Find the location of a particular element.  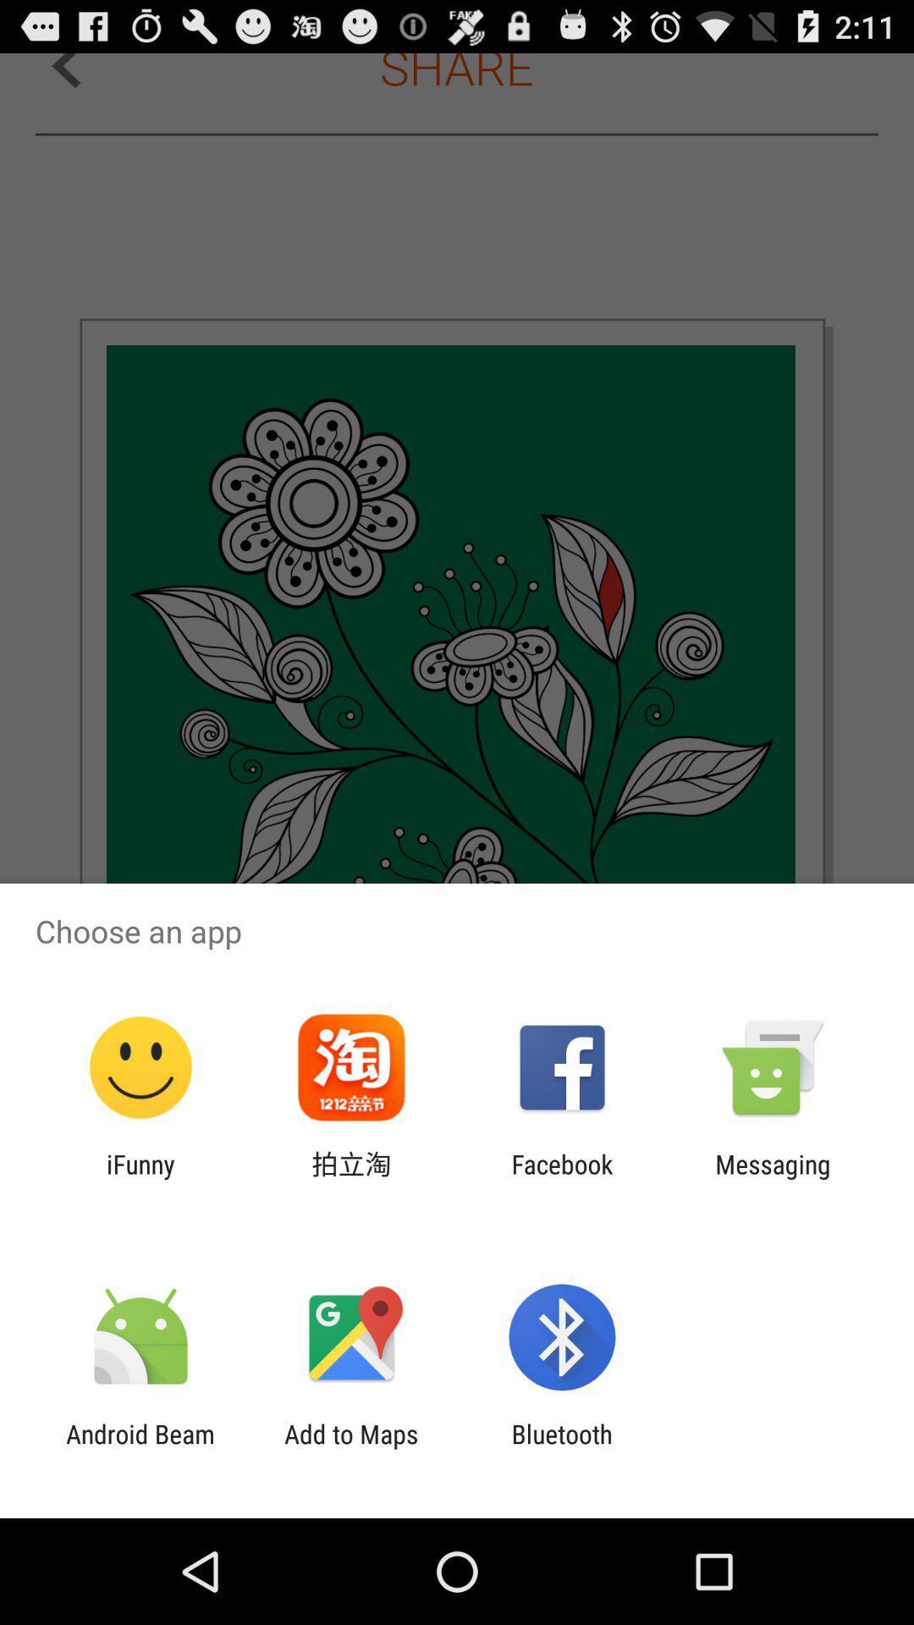

the icon next to the facebook is located at coordinates (773, 1178).